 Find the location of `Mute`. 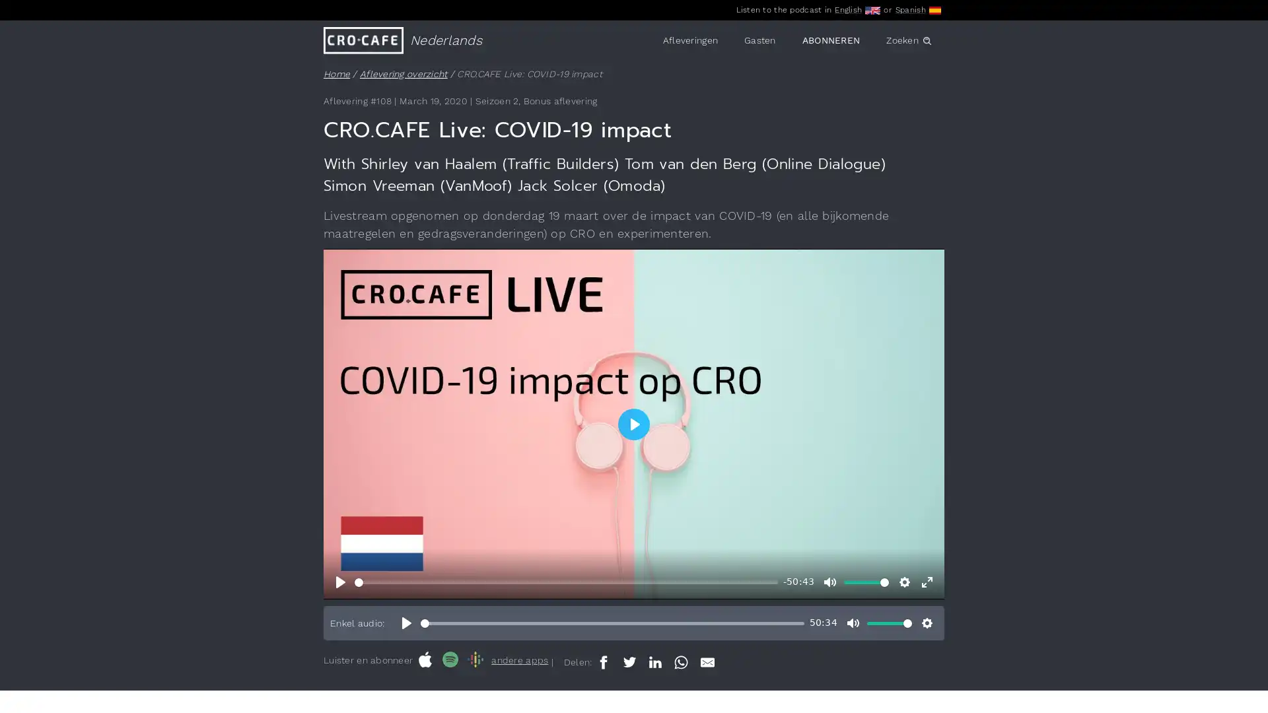

Mute is located at coordinates (829, 582).